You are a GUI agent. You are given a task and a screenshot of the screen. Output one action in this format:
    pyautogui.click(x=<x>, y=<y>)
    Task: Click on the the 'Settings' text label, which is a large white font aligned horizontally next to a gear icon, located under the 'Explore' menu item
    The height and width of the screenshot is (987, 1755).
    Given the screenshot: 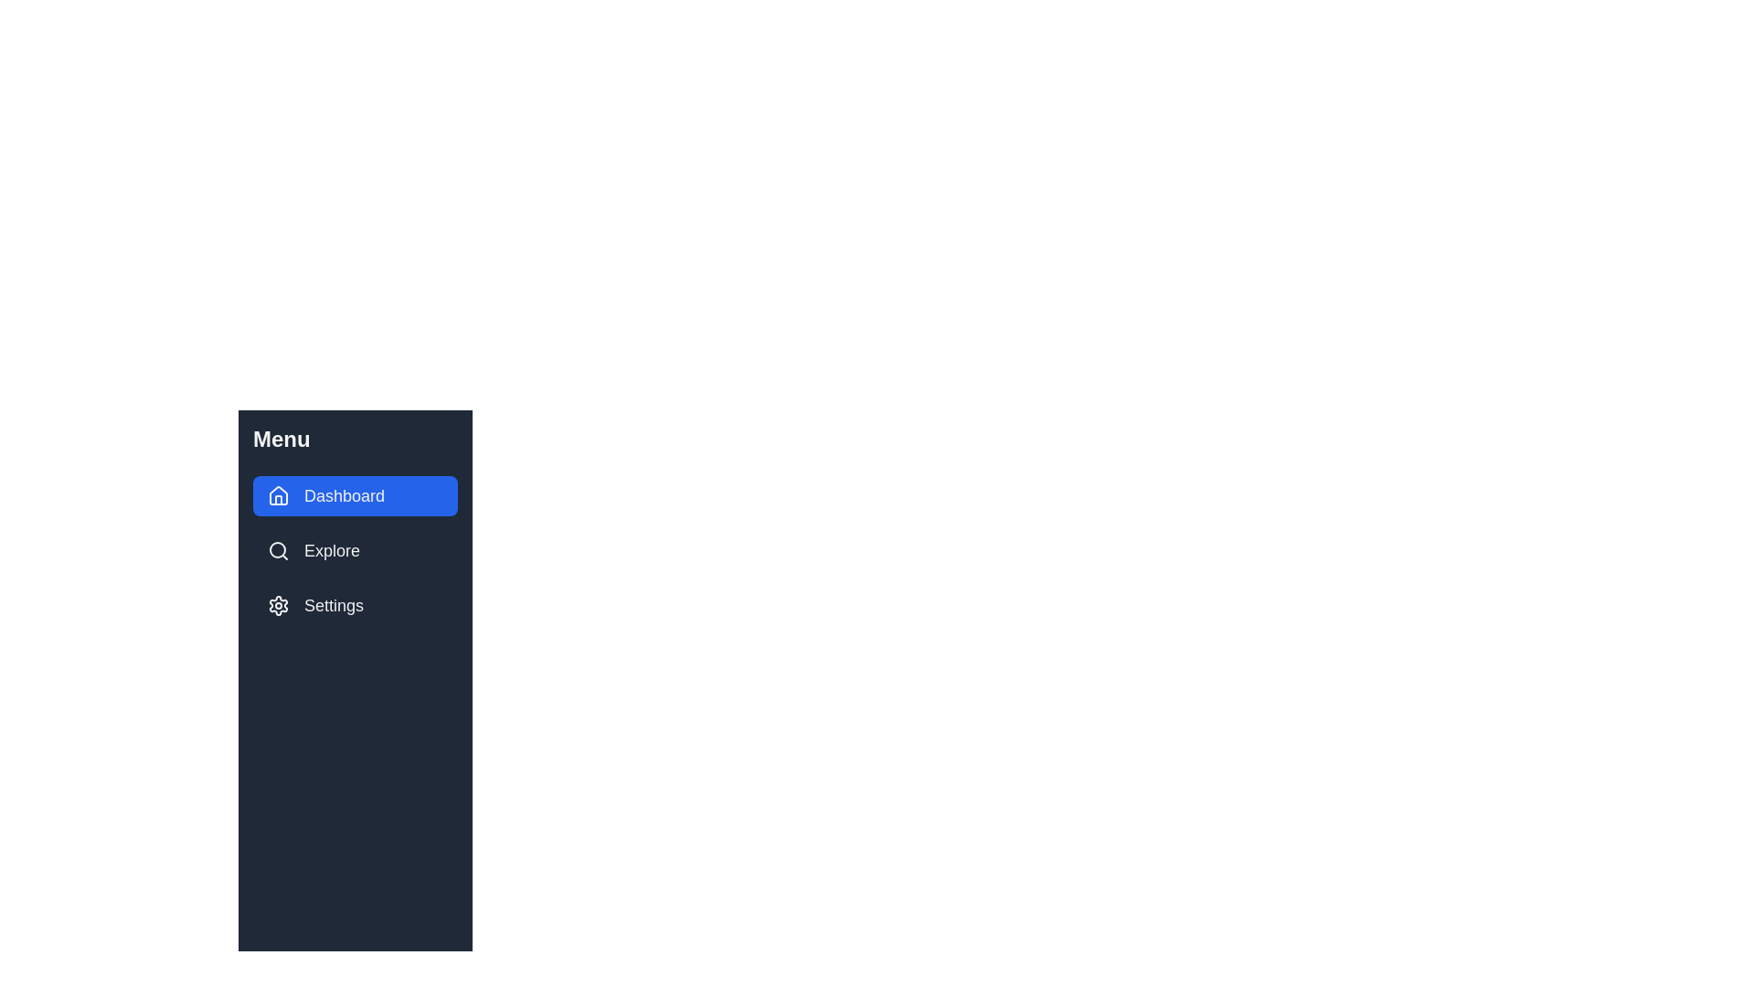 What is the action you would take?
    pyautogui.click(x=334, y=606)
    